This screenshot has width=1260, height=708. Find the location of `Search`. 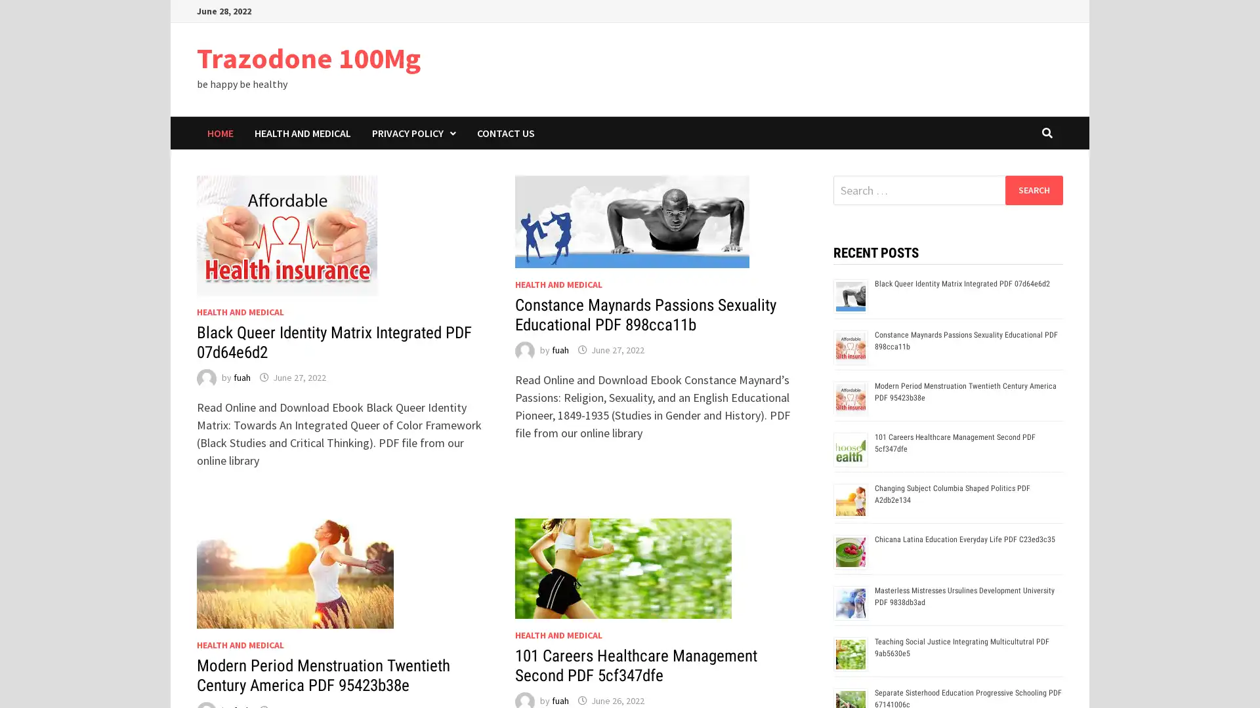

Search is located at coordinates (1033, 189).